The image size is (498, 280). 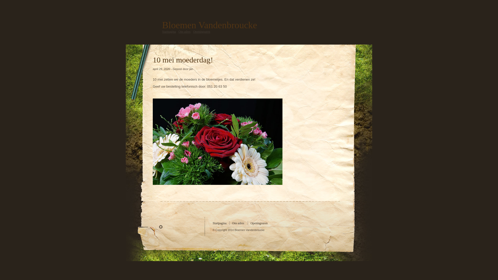 What do you see at coordinates (259, 223) in the screenshot?
I see `'Openingsuren'` at bounding box center [259, 223].